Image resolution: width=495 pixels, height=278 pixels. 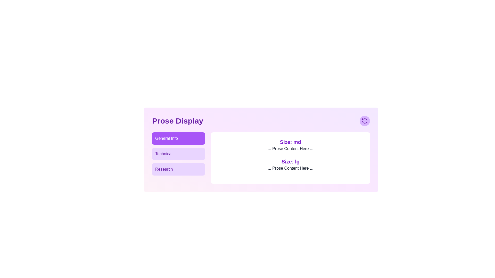 What do you see at coordinates (291, 145) in the screenshot?
I see `the Text Display Section that presents textual information with a bold heading, located at the top-middle of the right panel, preceding the component labeled 'Size: lg'` at bounding box center [291, 145].